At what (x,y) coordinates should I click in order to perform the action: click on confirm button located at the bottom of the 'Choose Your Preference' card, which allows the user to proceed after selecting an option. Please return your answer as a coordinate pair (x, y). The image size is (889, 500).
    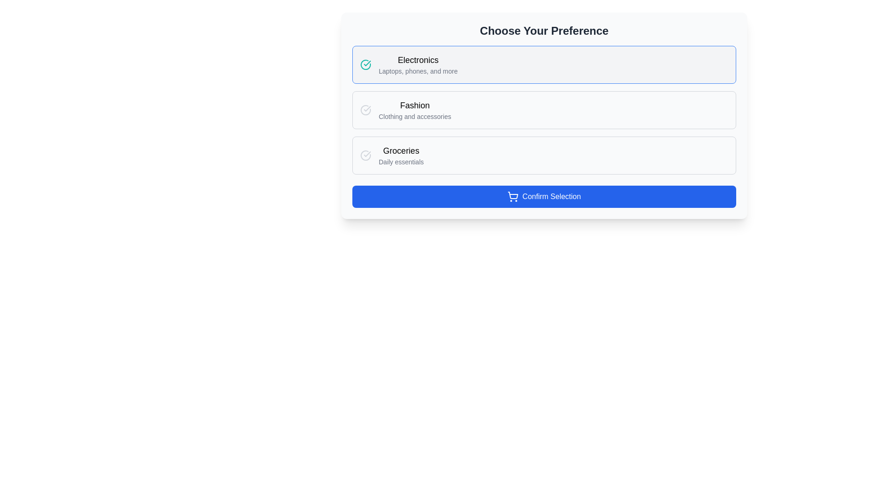
    Looking at the image, I should click on (544, 196).